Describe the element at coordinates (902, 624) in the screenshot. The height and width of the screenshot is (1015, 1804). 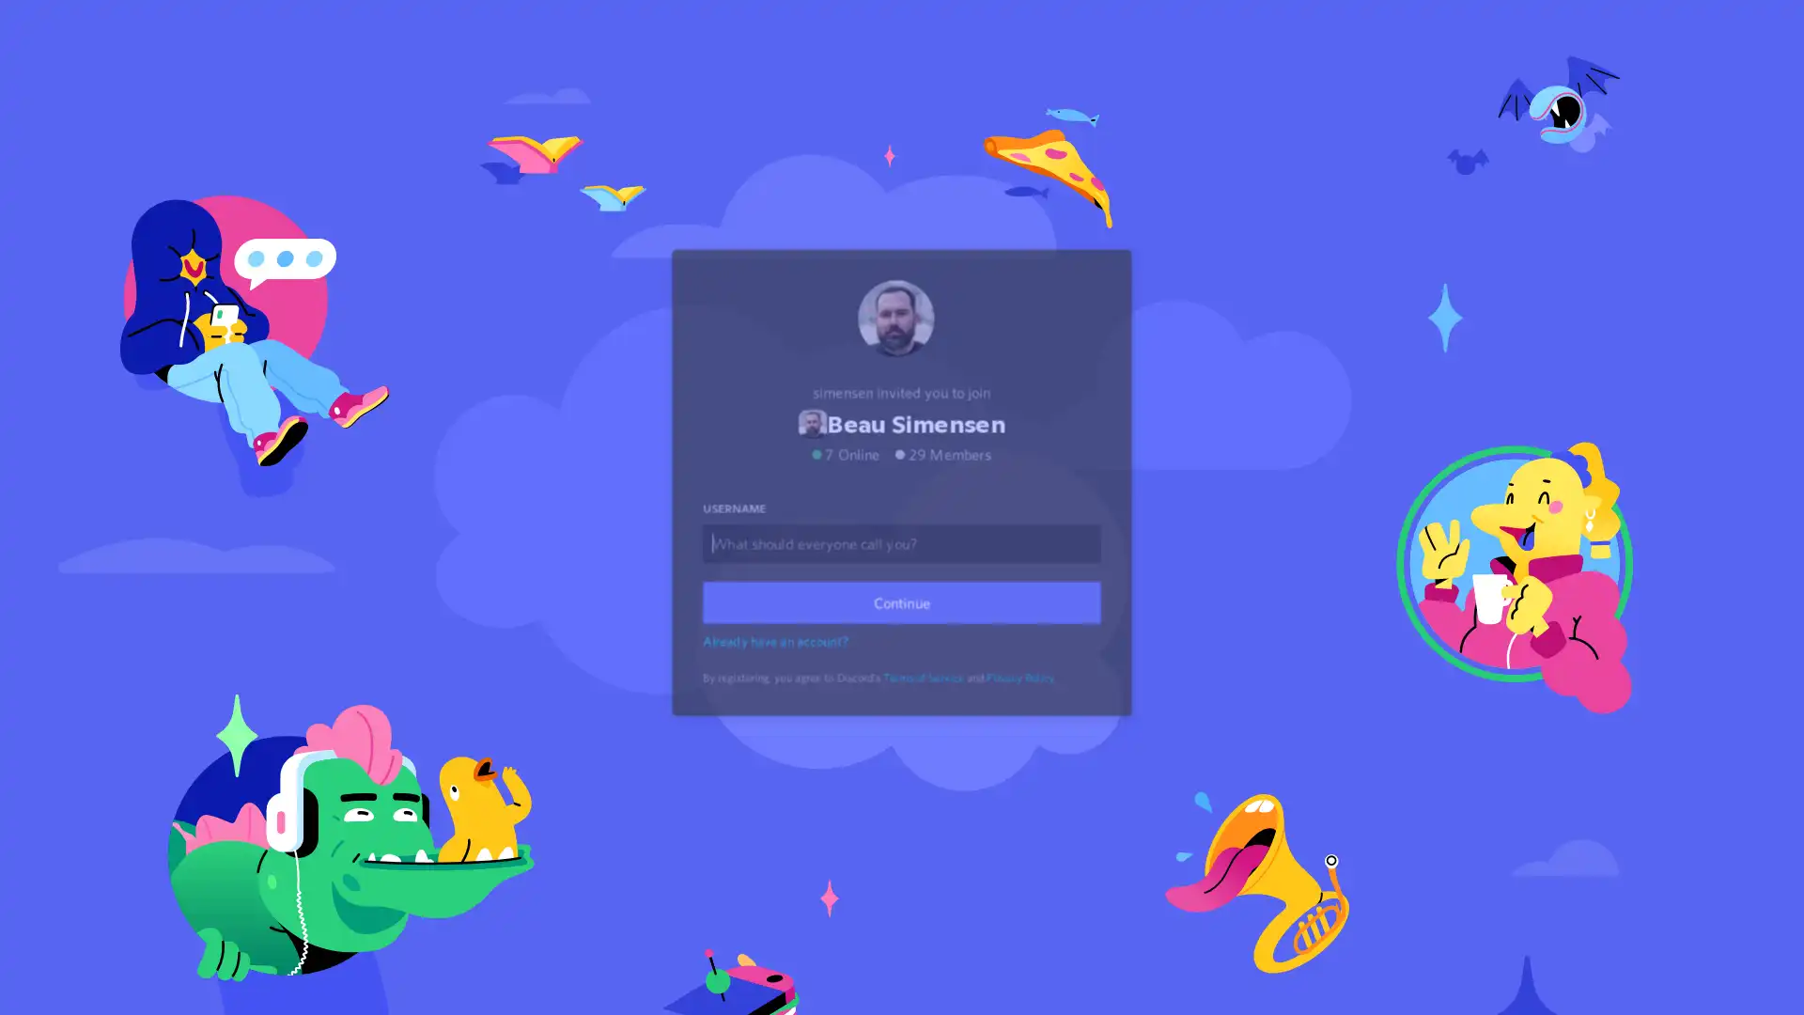
I see `Continue` at that location.